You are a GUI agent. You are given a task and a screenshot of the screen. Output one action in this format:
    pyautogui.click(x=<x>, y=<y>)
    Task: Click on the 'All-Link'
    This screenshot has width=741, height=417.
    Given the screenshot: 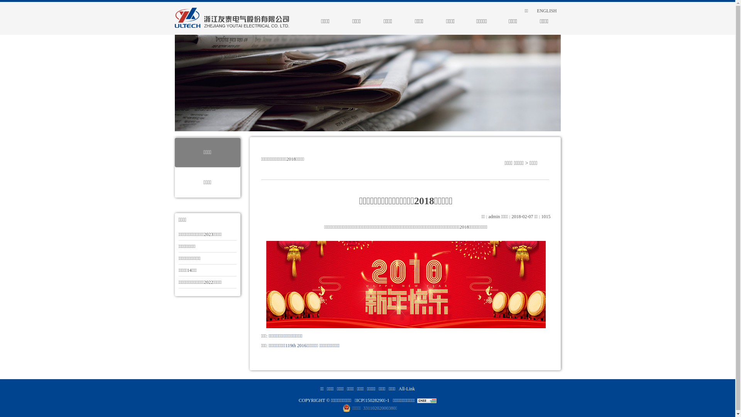 What is the action you would take?
    pyautogui.click(x=406, y=388)
    